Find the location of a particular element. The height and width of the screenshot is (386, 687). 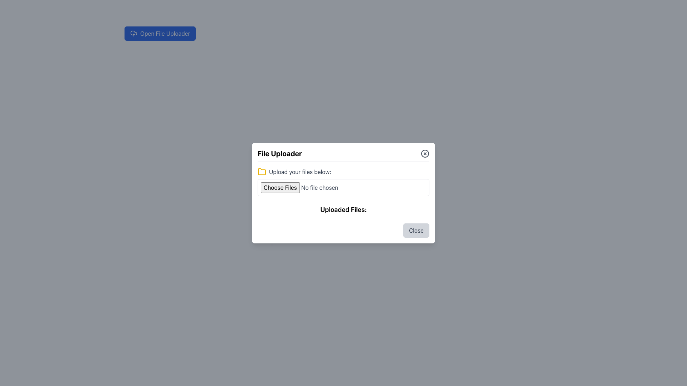

the instructional text label that guides users to upload their files, located above the 'Choose Files' button and to the right of a yellow folder icon is located at coordinates (300, 172).